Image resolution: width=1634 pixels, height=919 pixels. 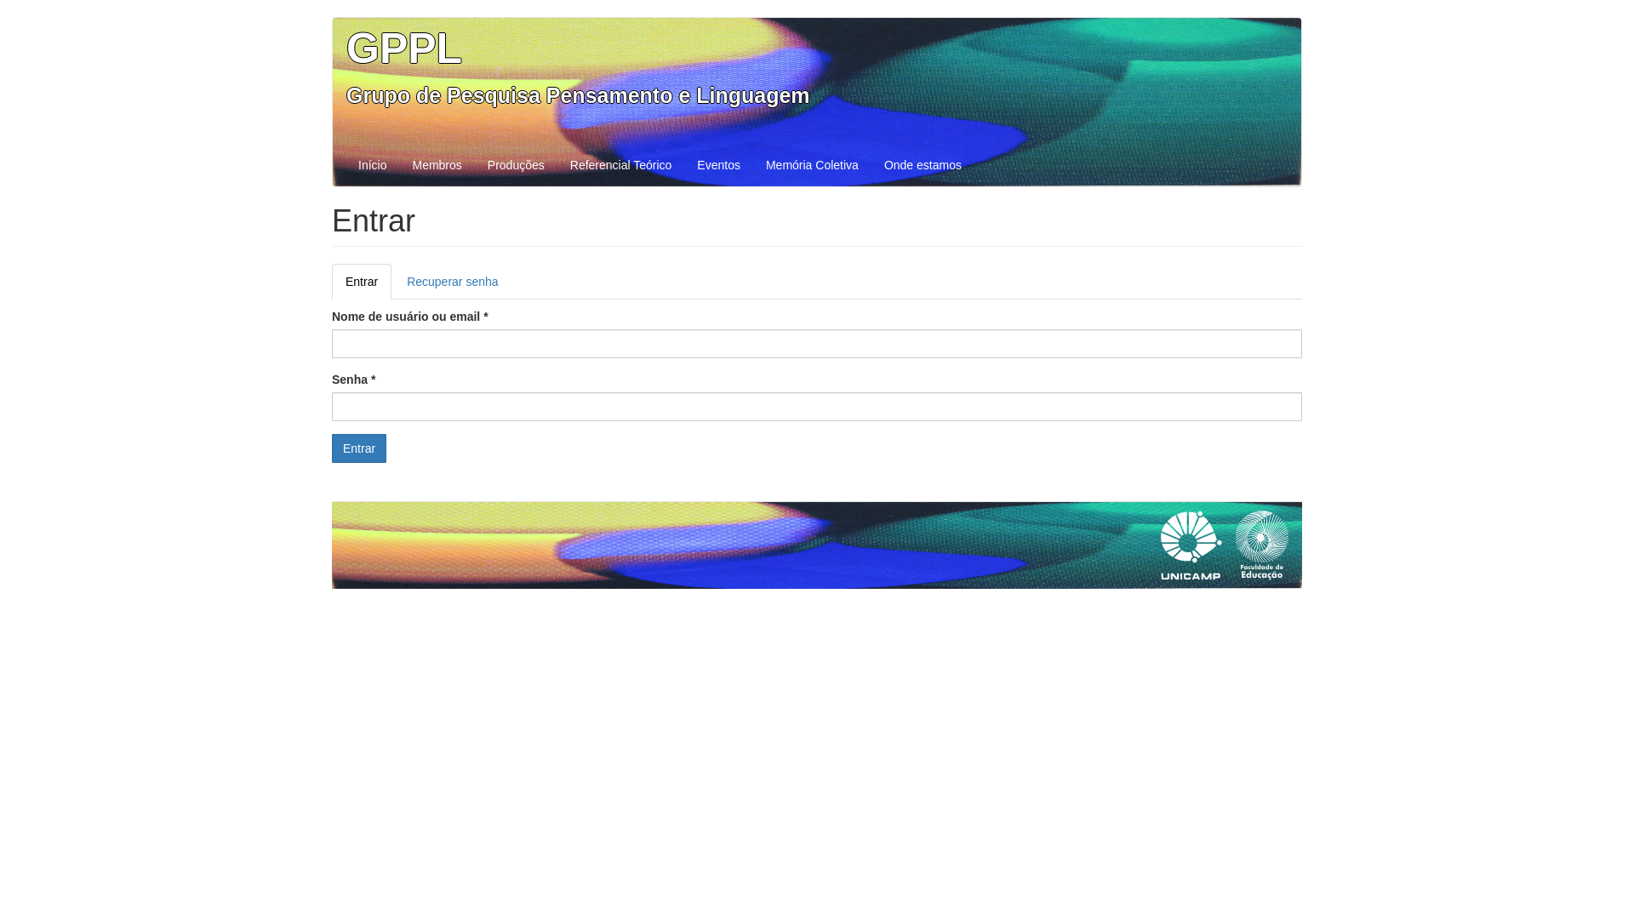 What do you see at coordinates (871, 164) in the screenshot?
I see `'Onde estamos'` at bounding box center [871, 164].